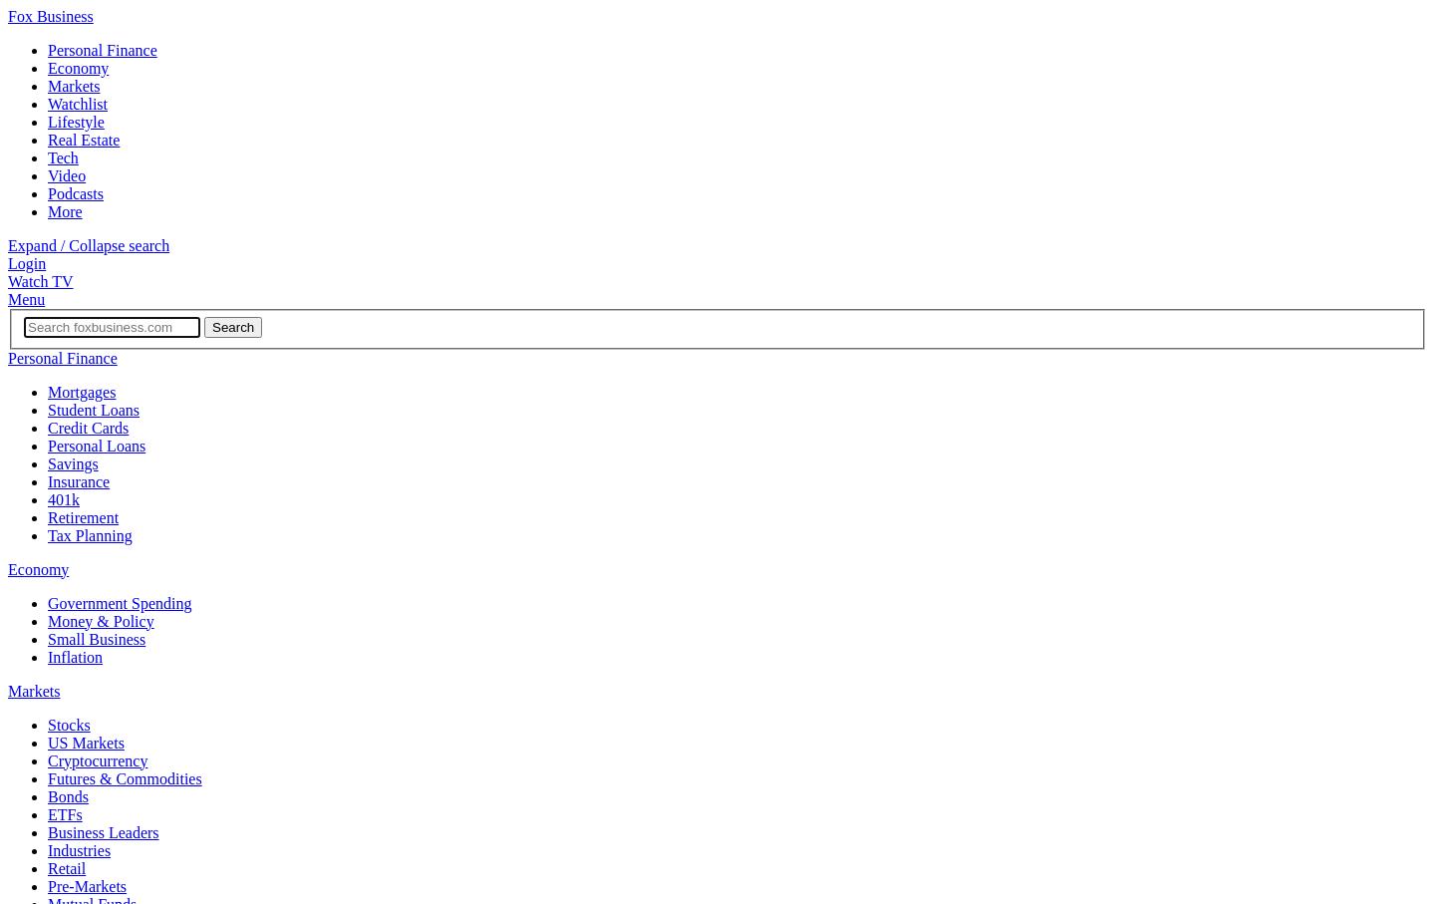  What do you see at coordinates (46, 741) in the screenshot?
I see `'US Markets'` at bounding box center [46, 741].